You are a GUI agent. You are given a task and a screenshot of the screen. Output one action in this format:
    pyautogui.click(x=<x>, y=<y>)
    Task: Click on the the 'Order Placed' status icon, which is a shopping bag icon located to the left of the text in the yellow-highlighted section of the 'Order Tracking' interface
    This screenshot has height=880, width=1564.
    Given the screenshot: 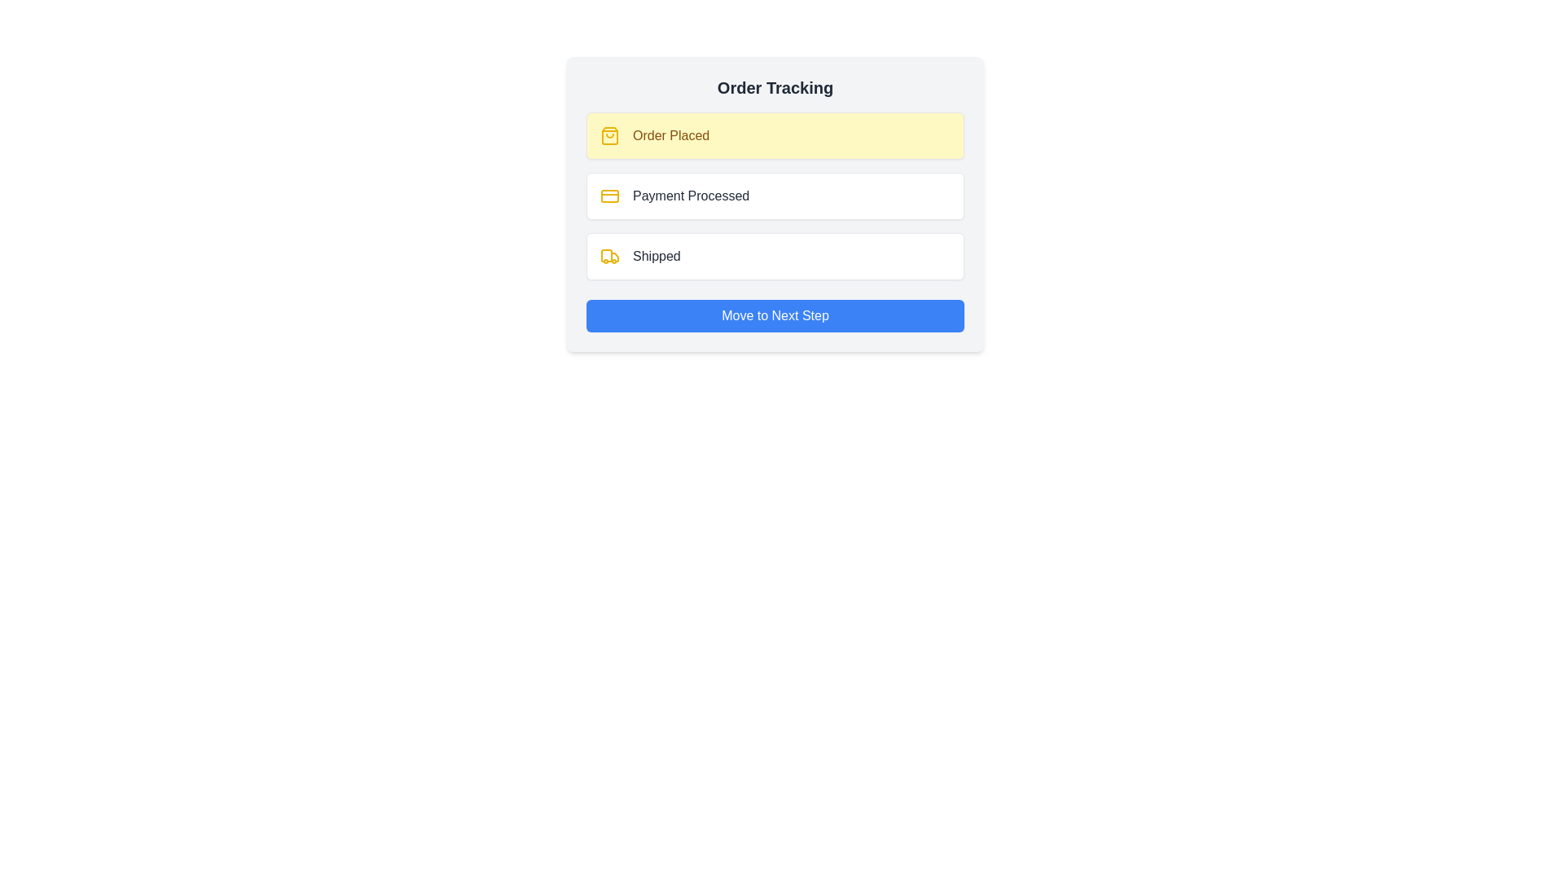 What is the action you would take?
    pyautogui.click(x=608, y=134)
    